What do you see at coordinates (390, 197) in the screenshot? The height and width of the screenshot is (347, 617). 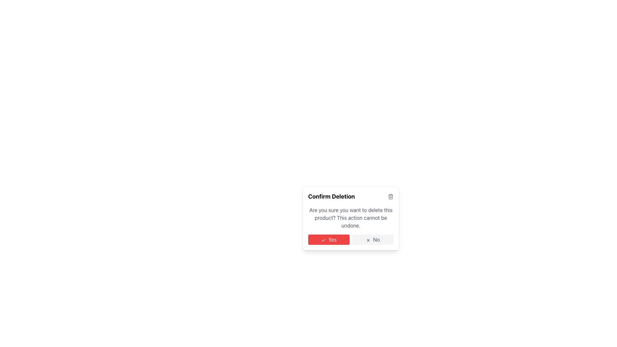 I see `the curved line forming the border of the rectangular trash bin icon in the confirmation dialog labeled 'Confirm Deletion'` at bounding box center [390, 197].